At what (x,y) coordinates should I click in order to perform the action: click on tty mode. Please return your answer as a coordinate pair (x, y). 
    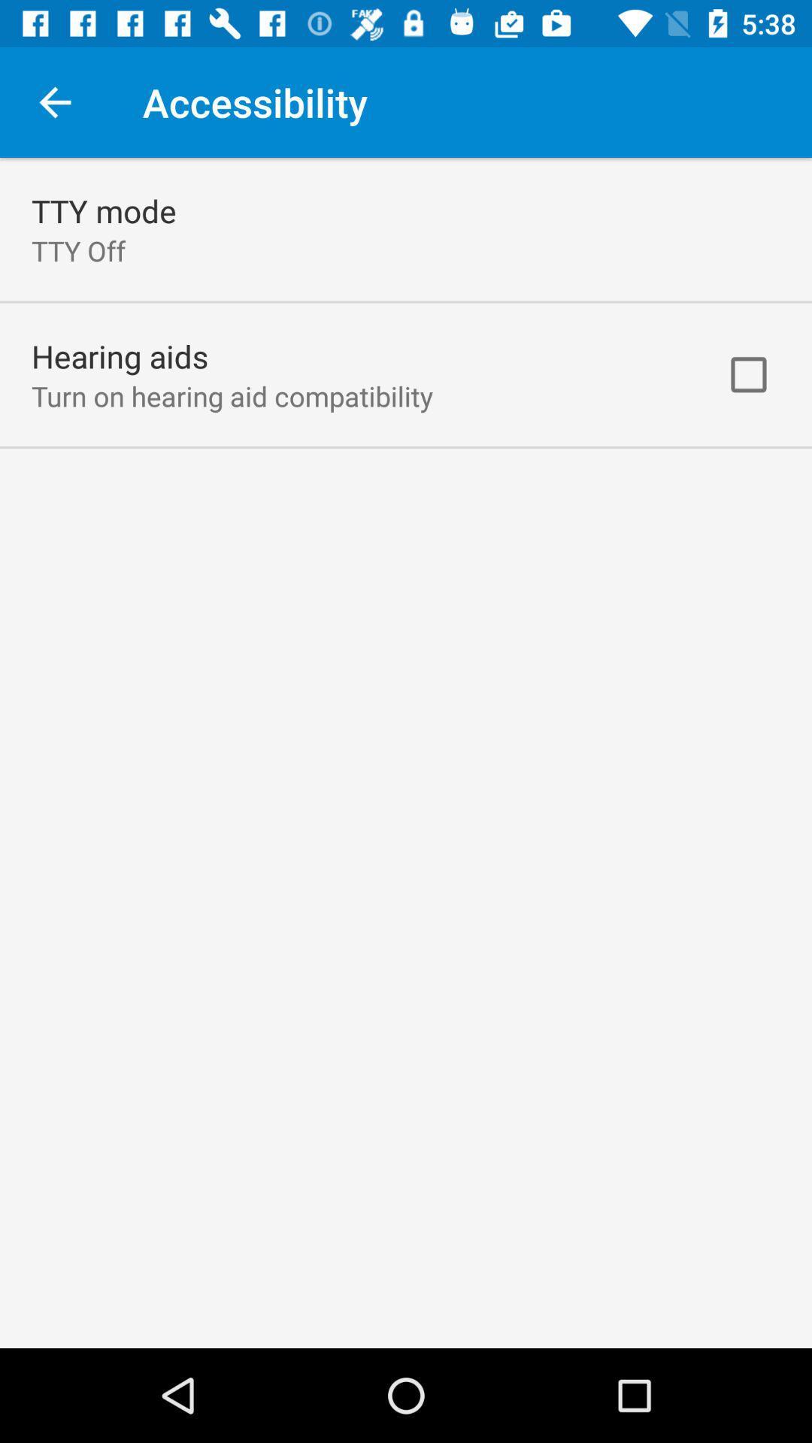
    Looking at the image, I should click on (103, 210).